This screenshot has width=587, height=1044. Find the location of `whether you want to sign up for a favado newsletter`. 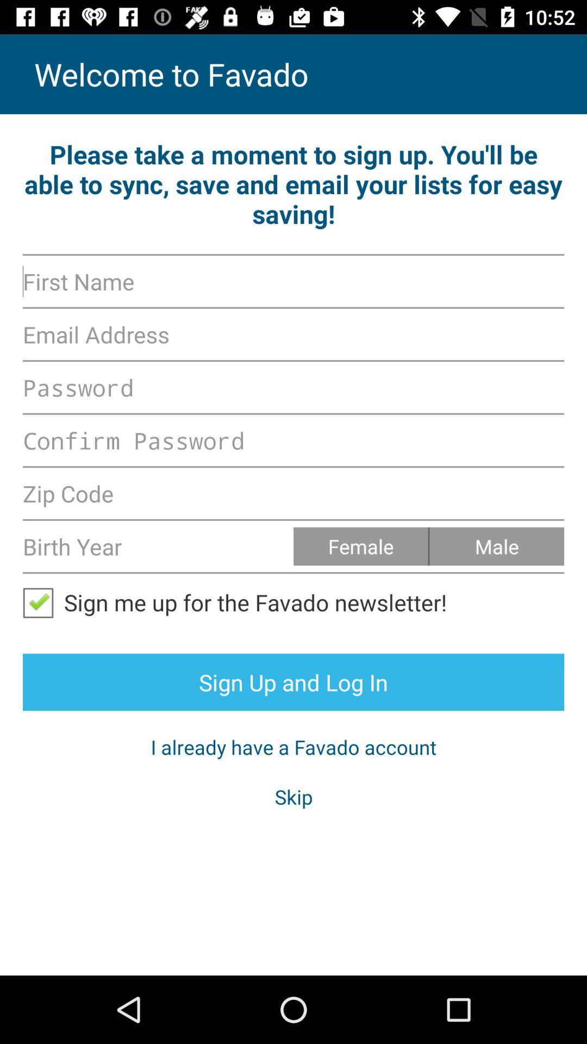

whether you want to sign up for a favado newsletter is located at coordinates (42, 601).